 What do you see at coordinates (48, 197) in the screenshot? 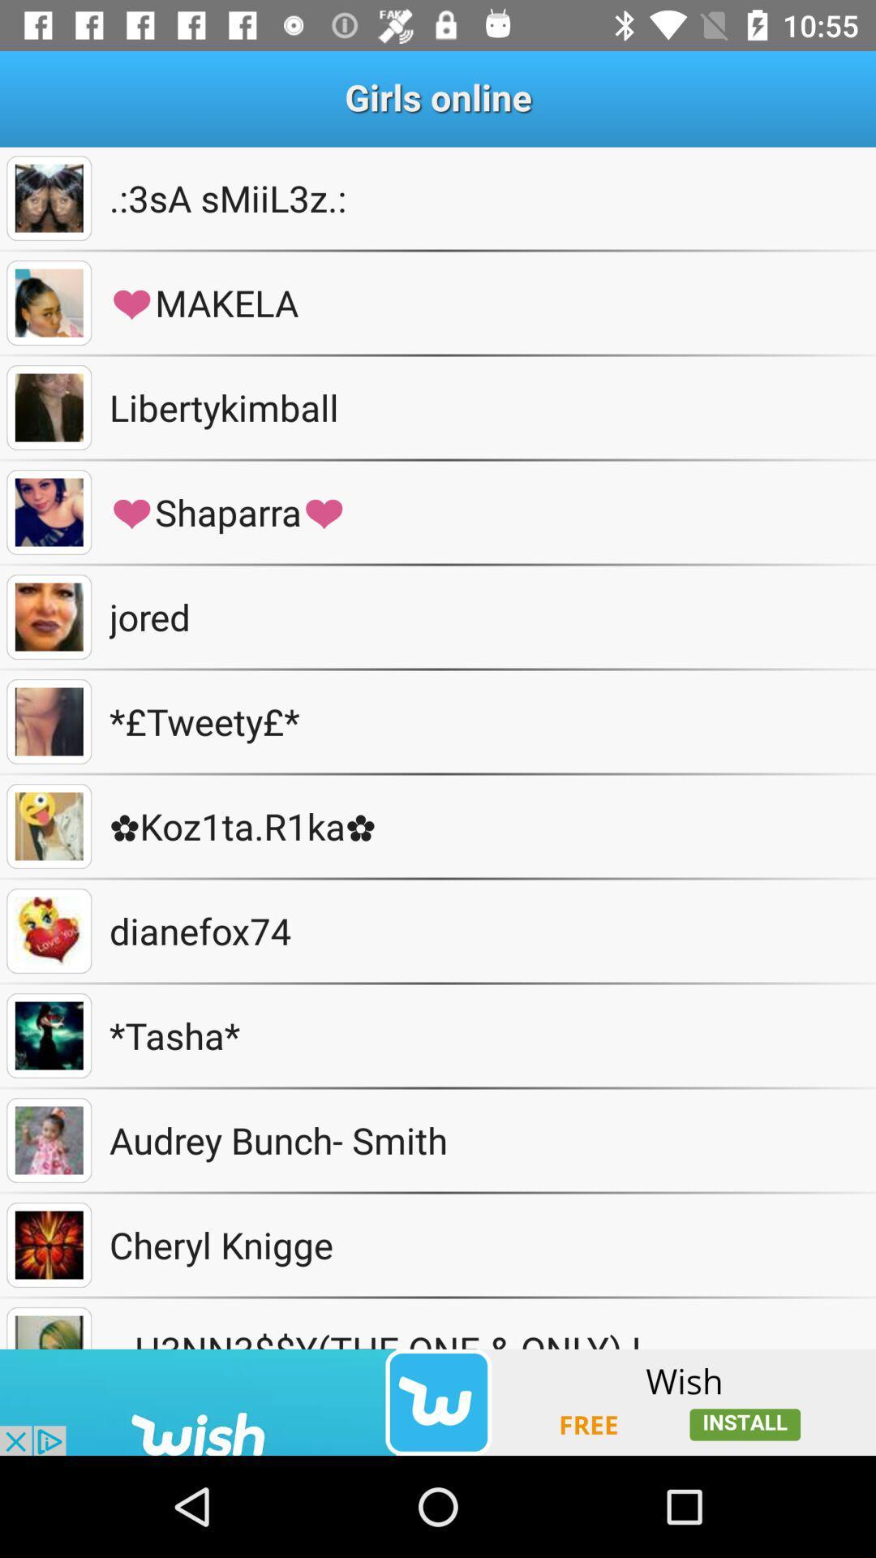
I see `searcher button` at bounding box center [48, 197].